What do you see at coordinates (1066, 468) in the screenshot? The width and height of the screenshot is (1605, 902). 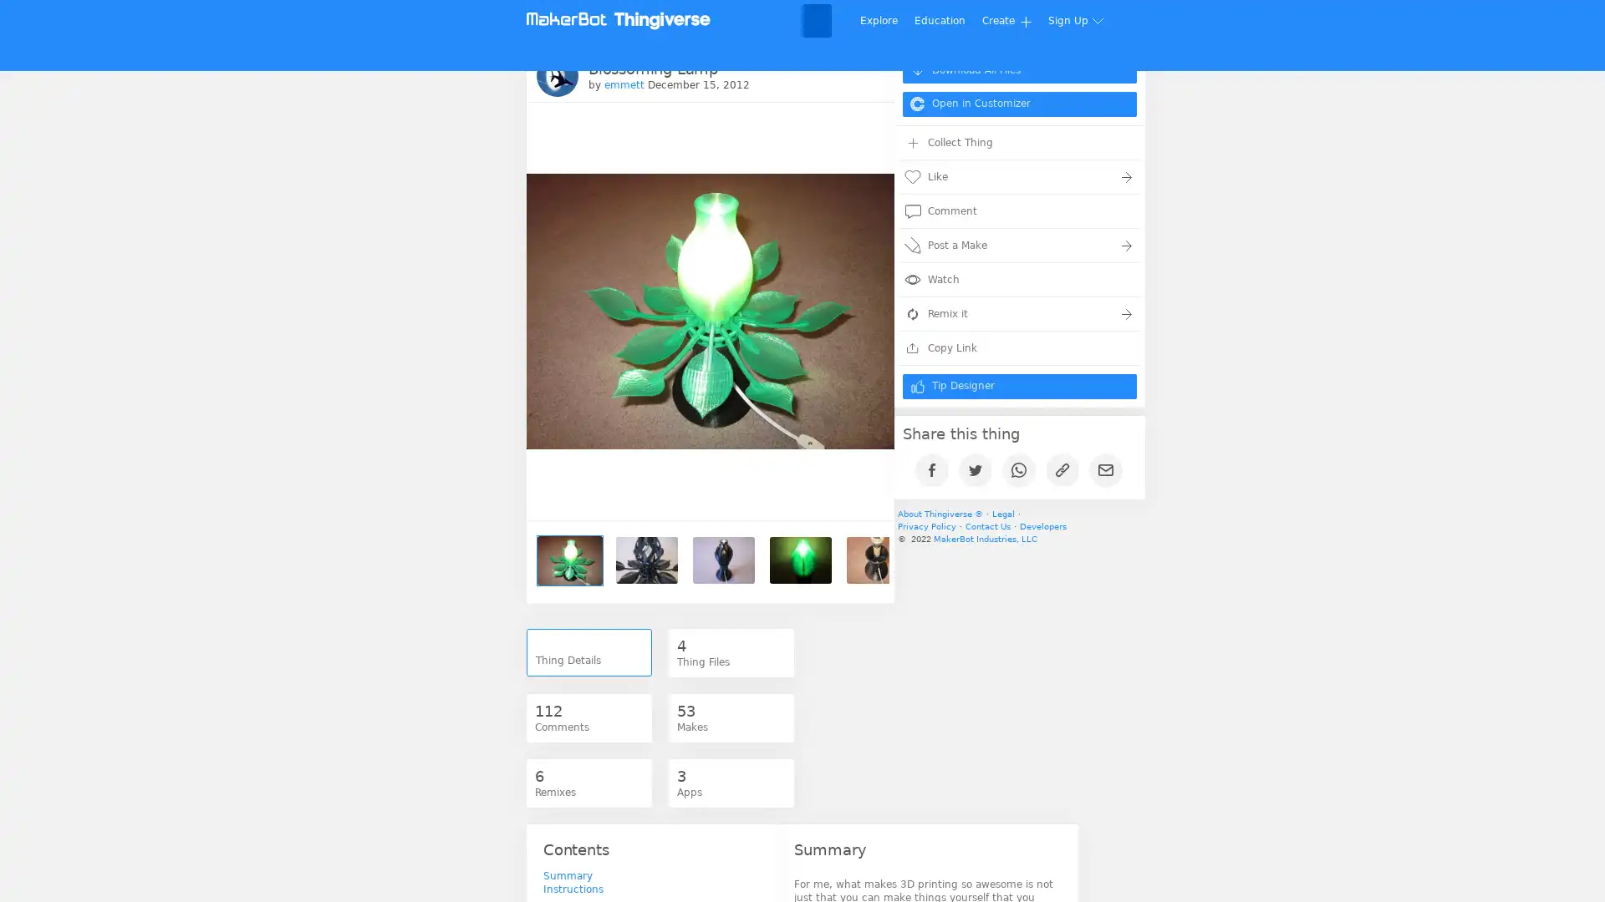 I see `copy` at bounding box center [1066, 468].